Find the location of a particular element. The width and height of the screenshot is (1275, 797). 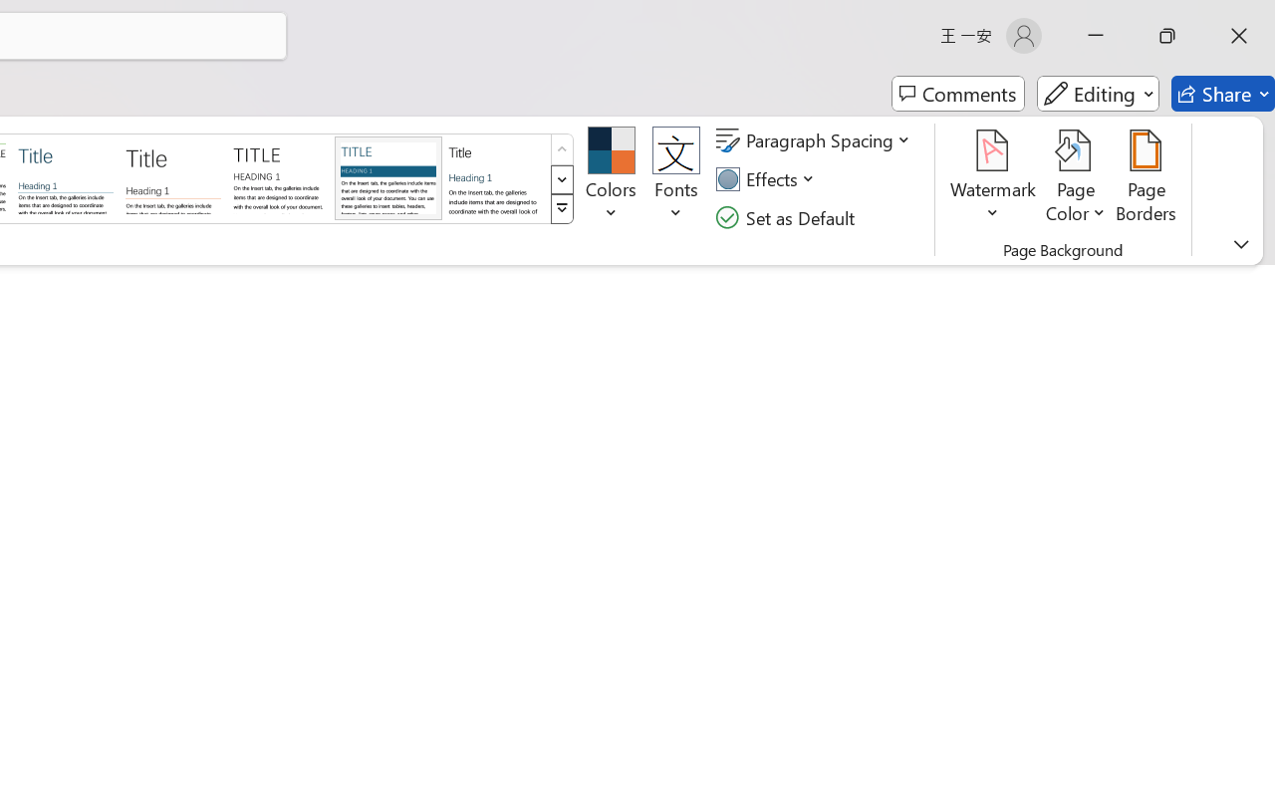

'Minimize' is located at coordinates (1095, 35).